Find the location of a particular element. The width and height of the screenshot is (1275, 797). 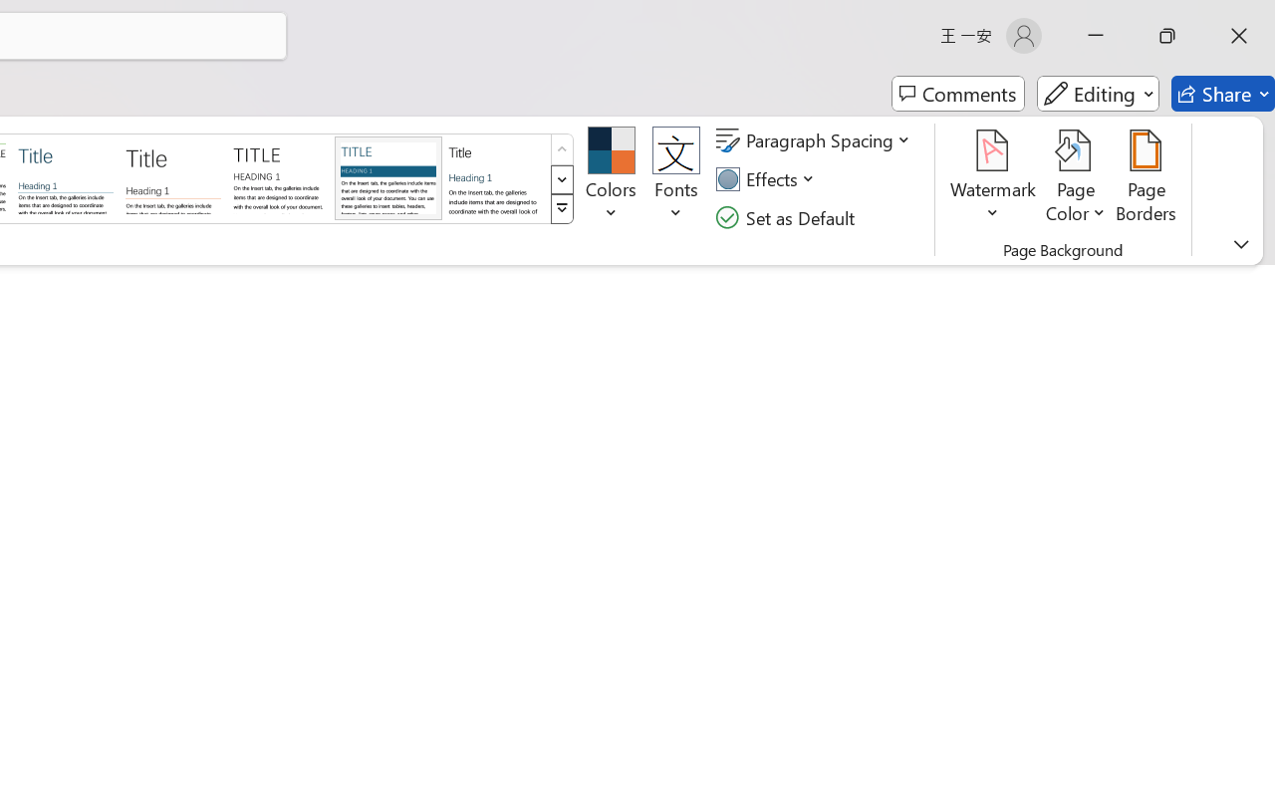

'Minimize' is located at coordinates (1095, 35).